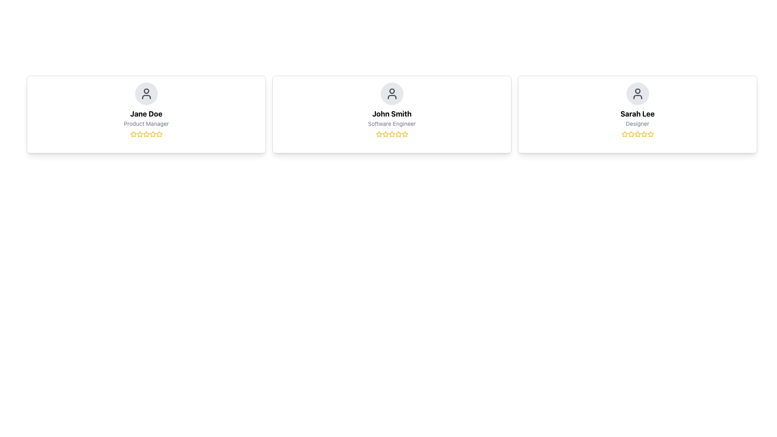 The height and width of the screenshot is (437, 777). What do you see at coordinates (153, 134) in the screenshot?
I see `the second star icon in the 5-star rating system below the 'Jane Doe' user card` at bounding box center [153, 134].